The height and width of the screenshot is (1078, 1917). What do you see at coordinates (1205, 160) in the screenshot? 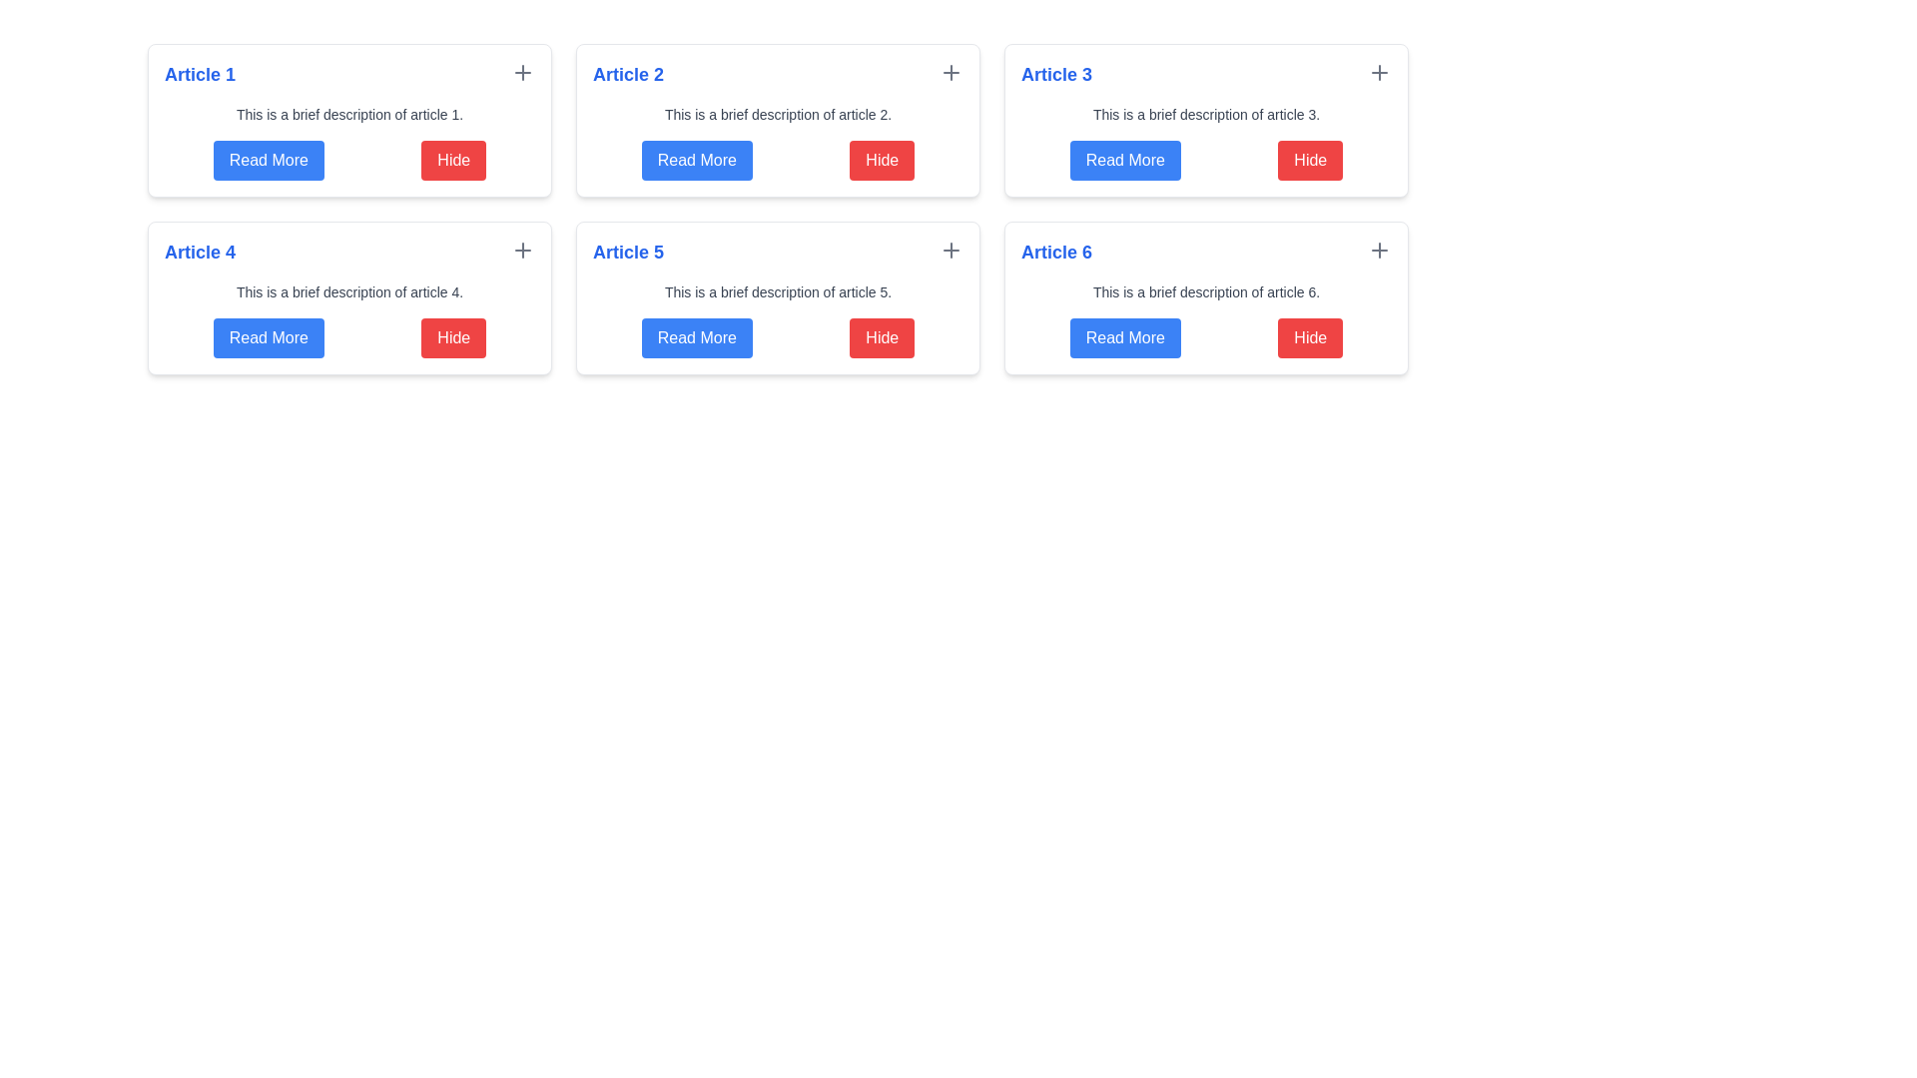
I see `the 'Hide' button located in the button group at the bottom of the 'Article 3' card` at bounding box center [1205, 160].